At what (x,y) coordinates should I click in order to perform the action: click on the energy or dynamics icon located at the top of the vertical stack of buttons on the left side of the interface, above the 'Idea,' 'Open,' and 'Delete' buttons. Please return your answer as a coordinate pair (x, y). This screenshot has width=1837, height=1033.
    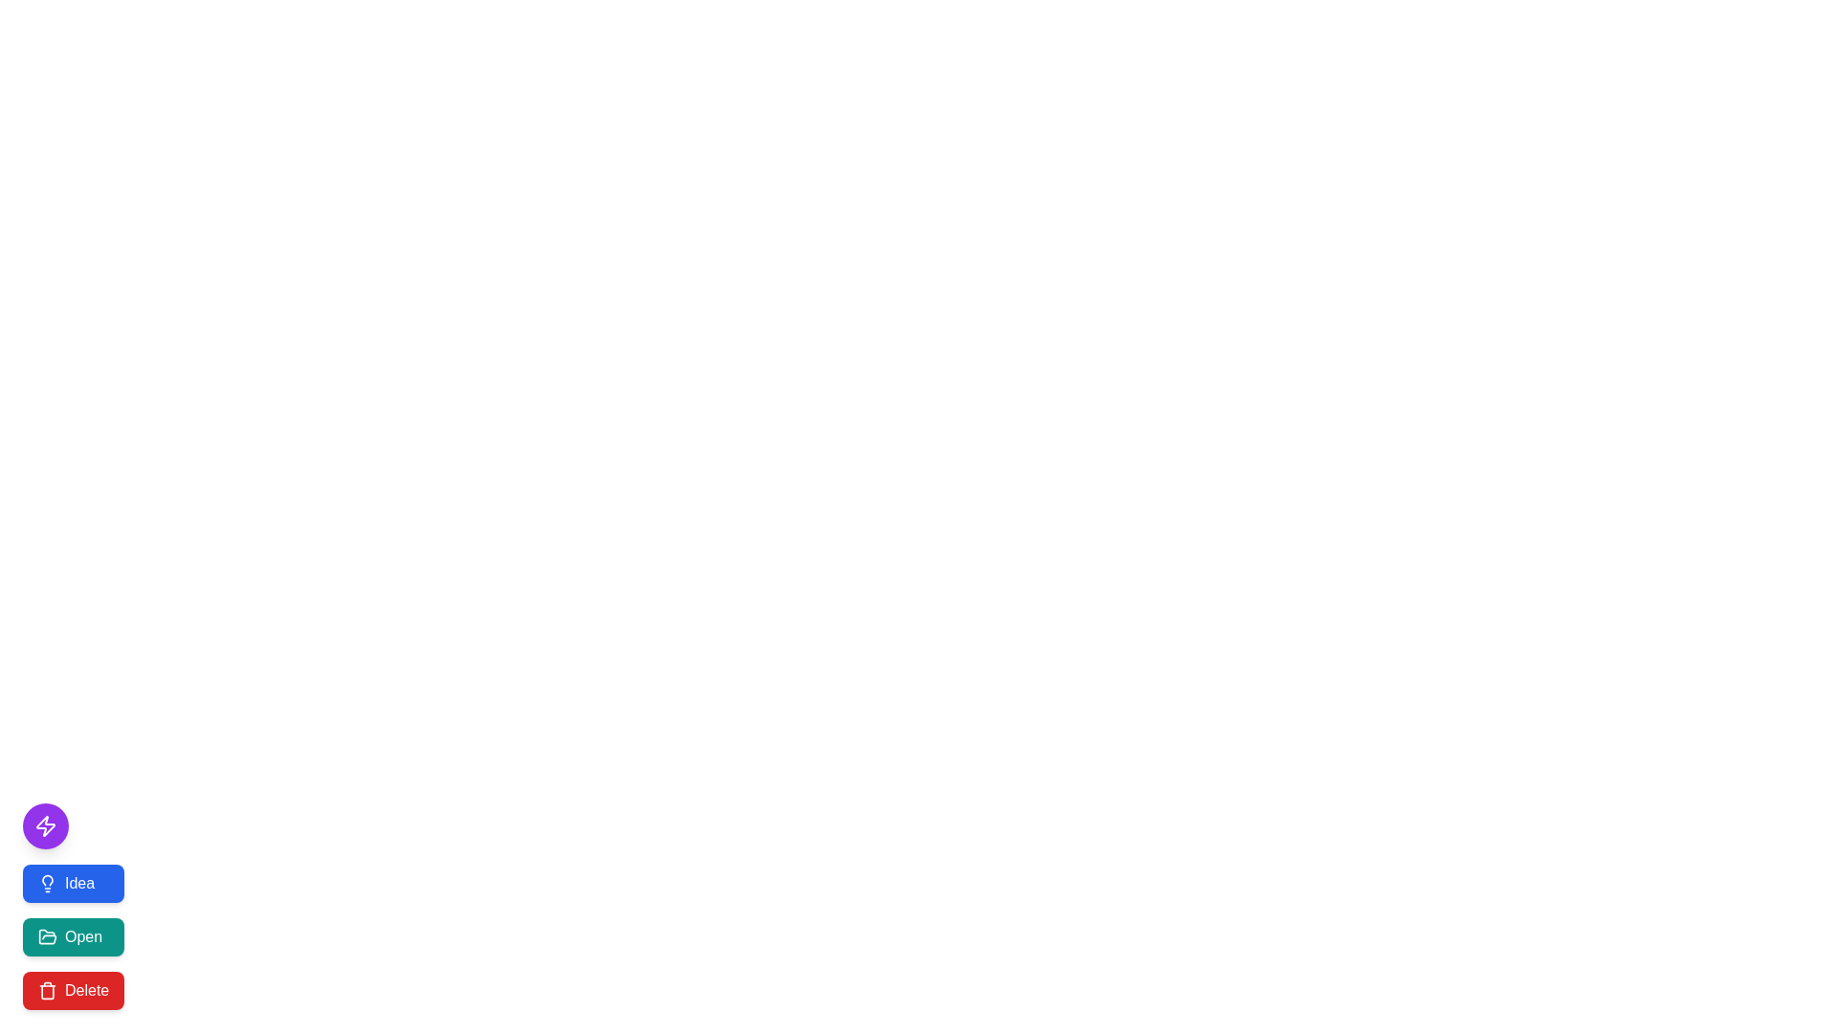
    Looking at the image, I should click on (46, 825).